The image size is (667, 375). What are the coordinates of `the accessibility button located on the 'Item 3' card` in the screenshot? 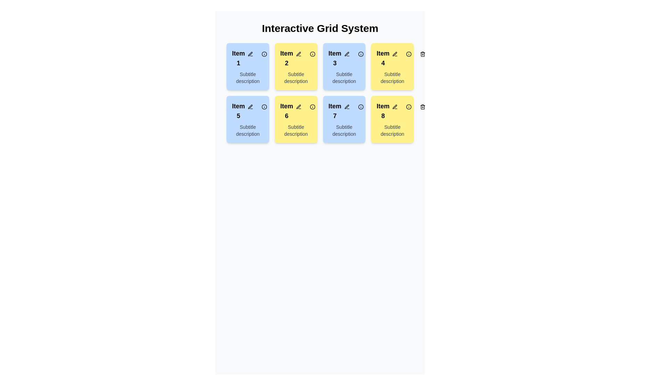 It's located at (361, 53).